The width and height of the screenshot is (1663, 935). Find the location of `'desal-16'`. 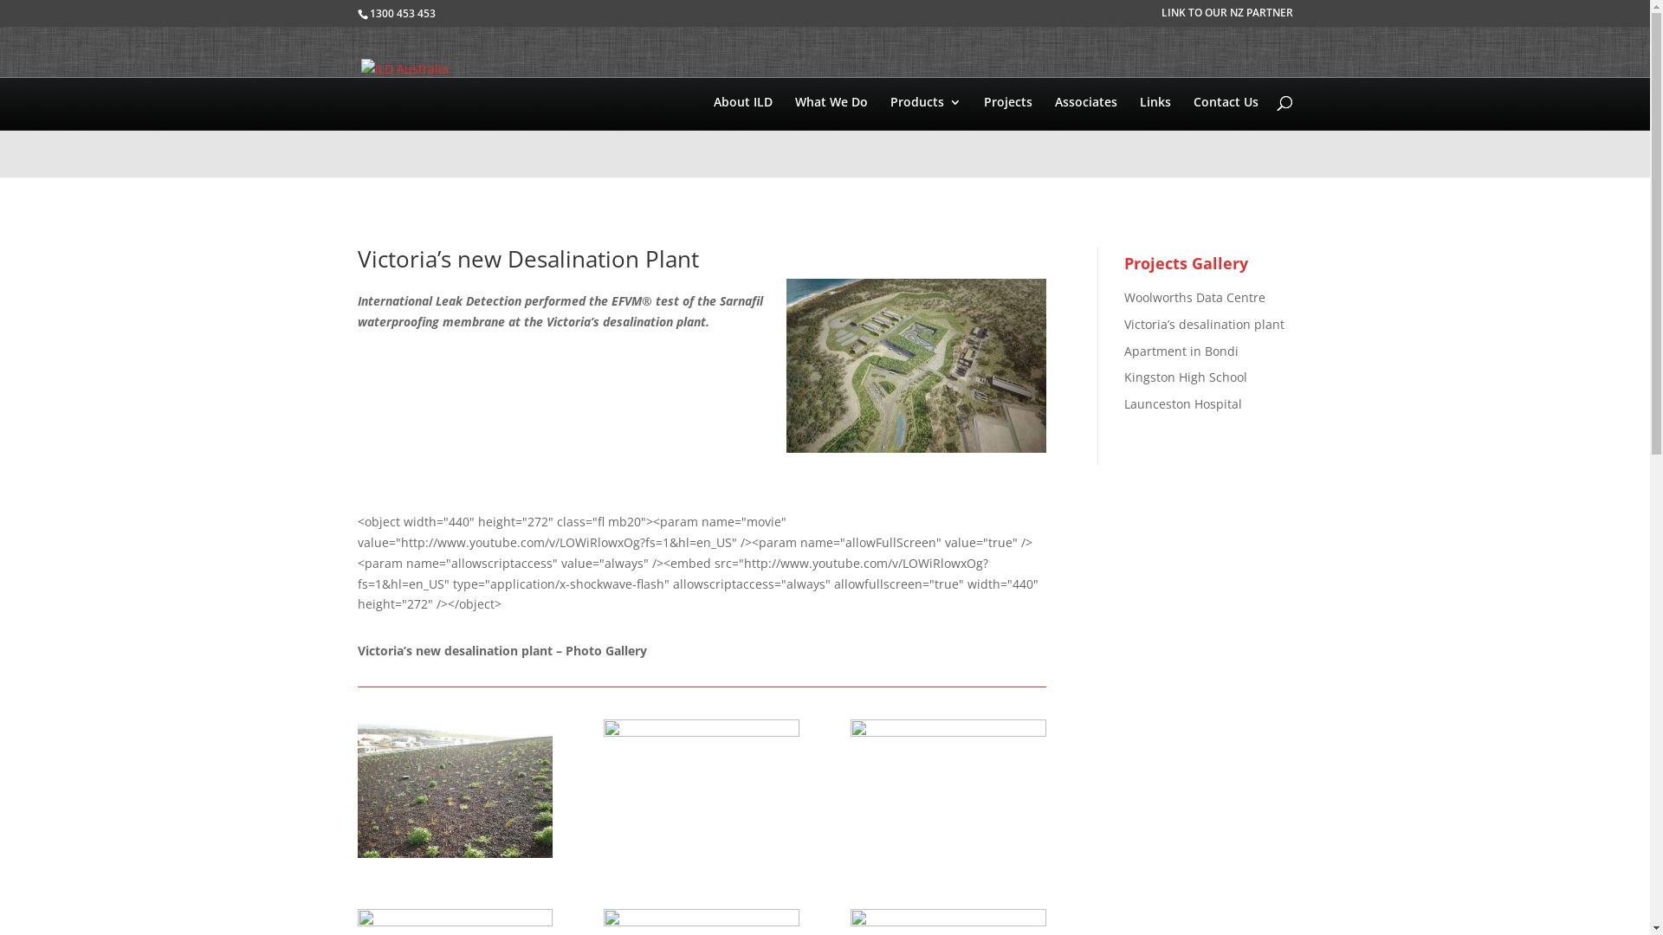

'desal-16' is located at coordinates (454, 857).